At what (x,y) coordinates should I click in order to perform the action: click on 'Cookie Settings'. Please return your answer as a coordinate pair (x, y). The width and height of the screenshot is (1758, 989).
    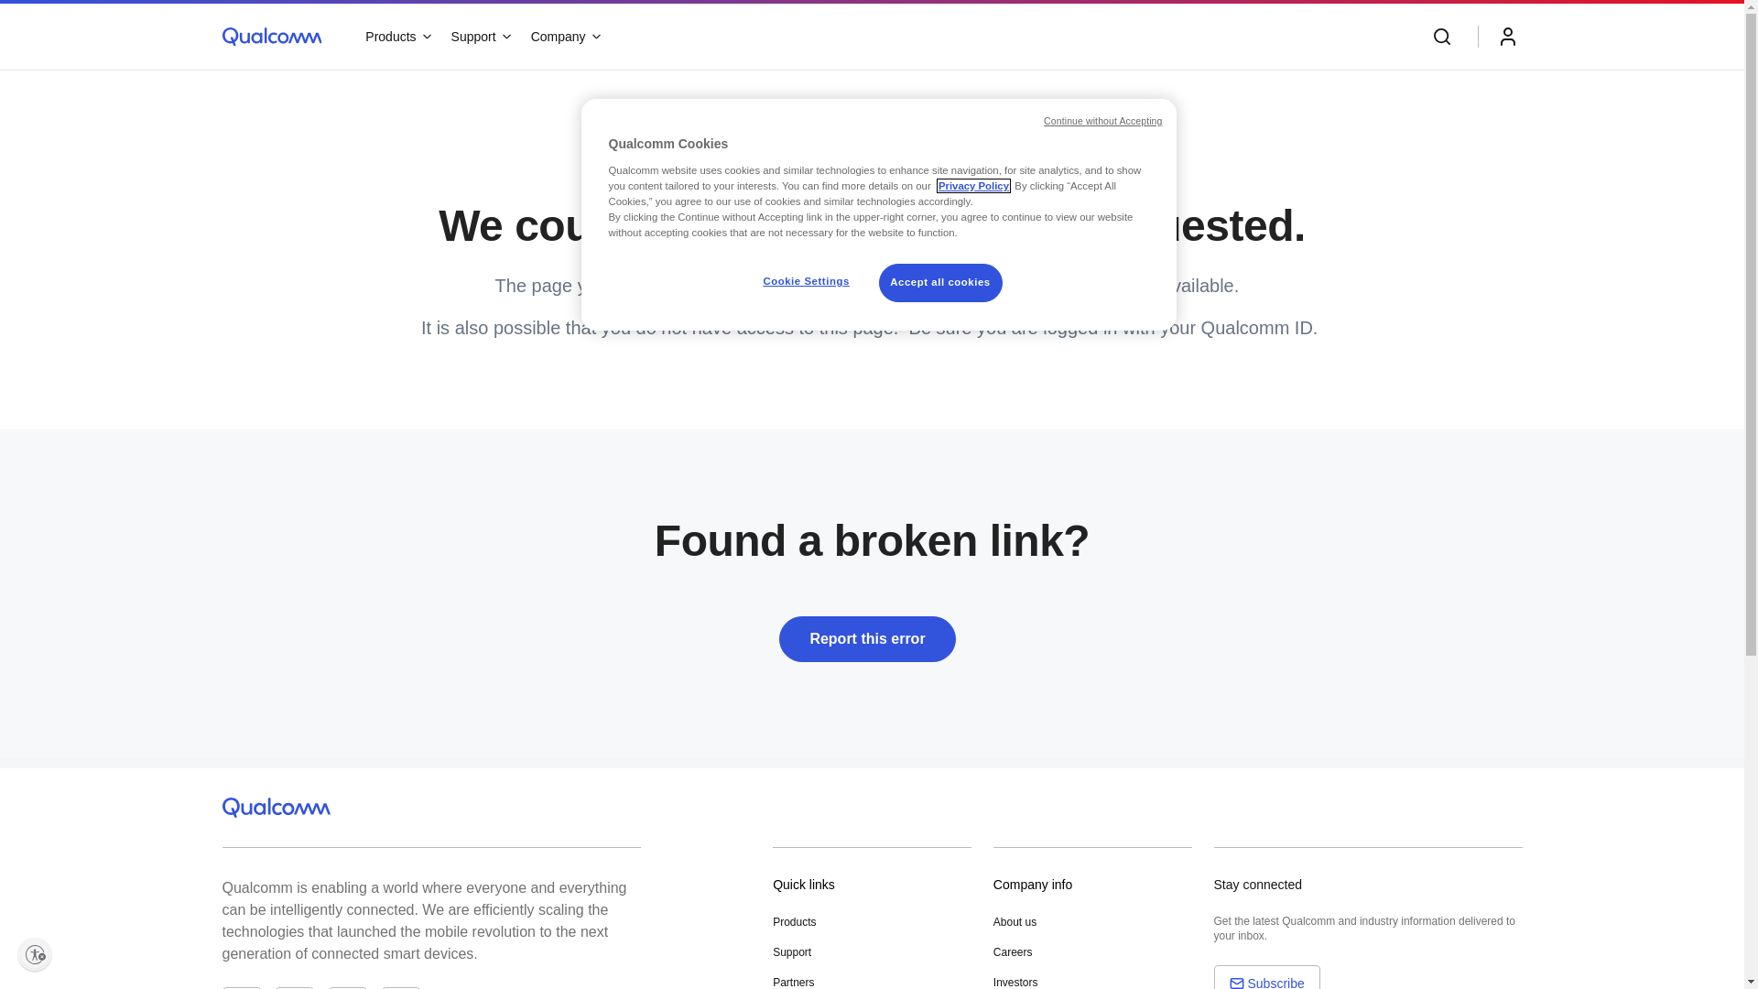
    Looking at the image, I should click on (806, 282).